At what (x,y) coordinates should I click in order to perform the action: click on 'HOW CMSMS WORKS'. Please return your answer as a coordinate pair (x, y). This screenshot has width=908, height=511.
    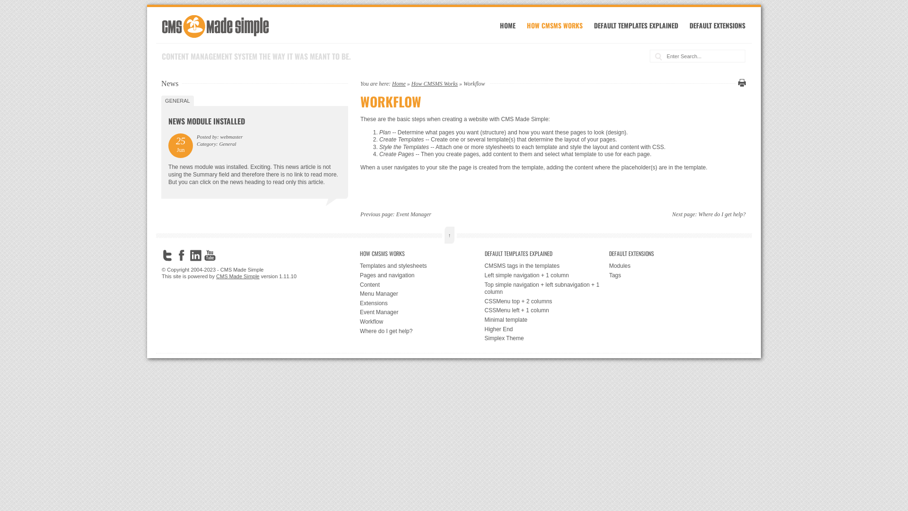
    Looking at the image, I should click on (421, 253).